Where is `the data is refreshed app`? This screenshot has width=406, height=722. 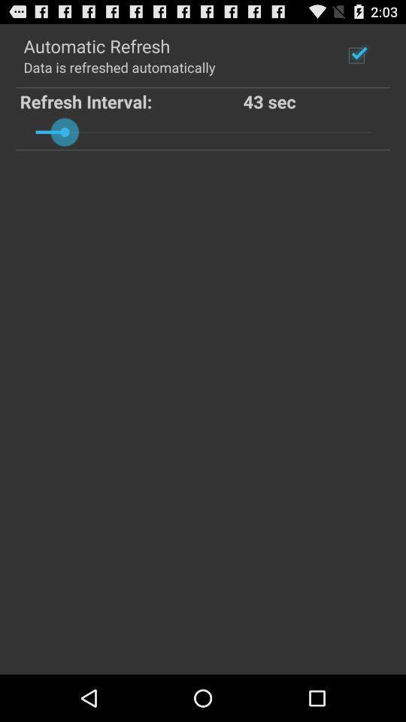 the data is refreshed app is located at coordinates (118, 67).